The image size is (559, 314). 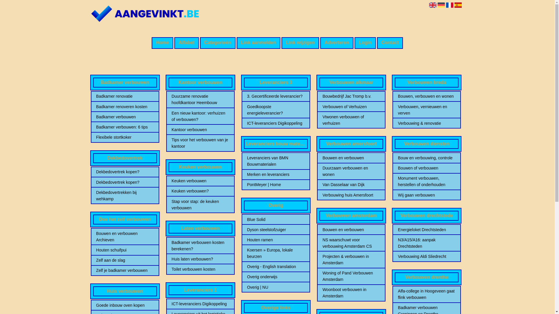 What do you see at coordinates (427, 294) in the screenshot?
I see `'Alfa-college in Hoogeveen gaat flink verbouwen'` at bounding box center [427, 294].